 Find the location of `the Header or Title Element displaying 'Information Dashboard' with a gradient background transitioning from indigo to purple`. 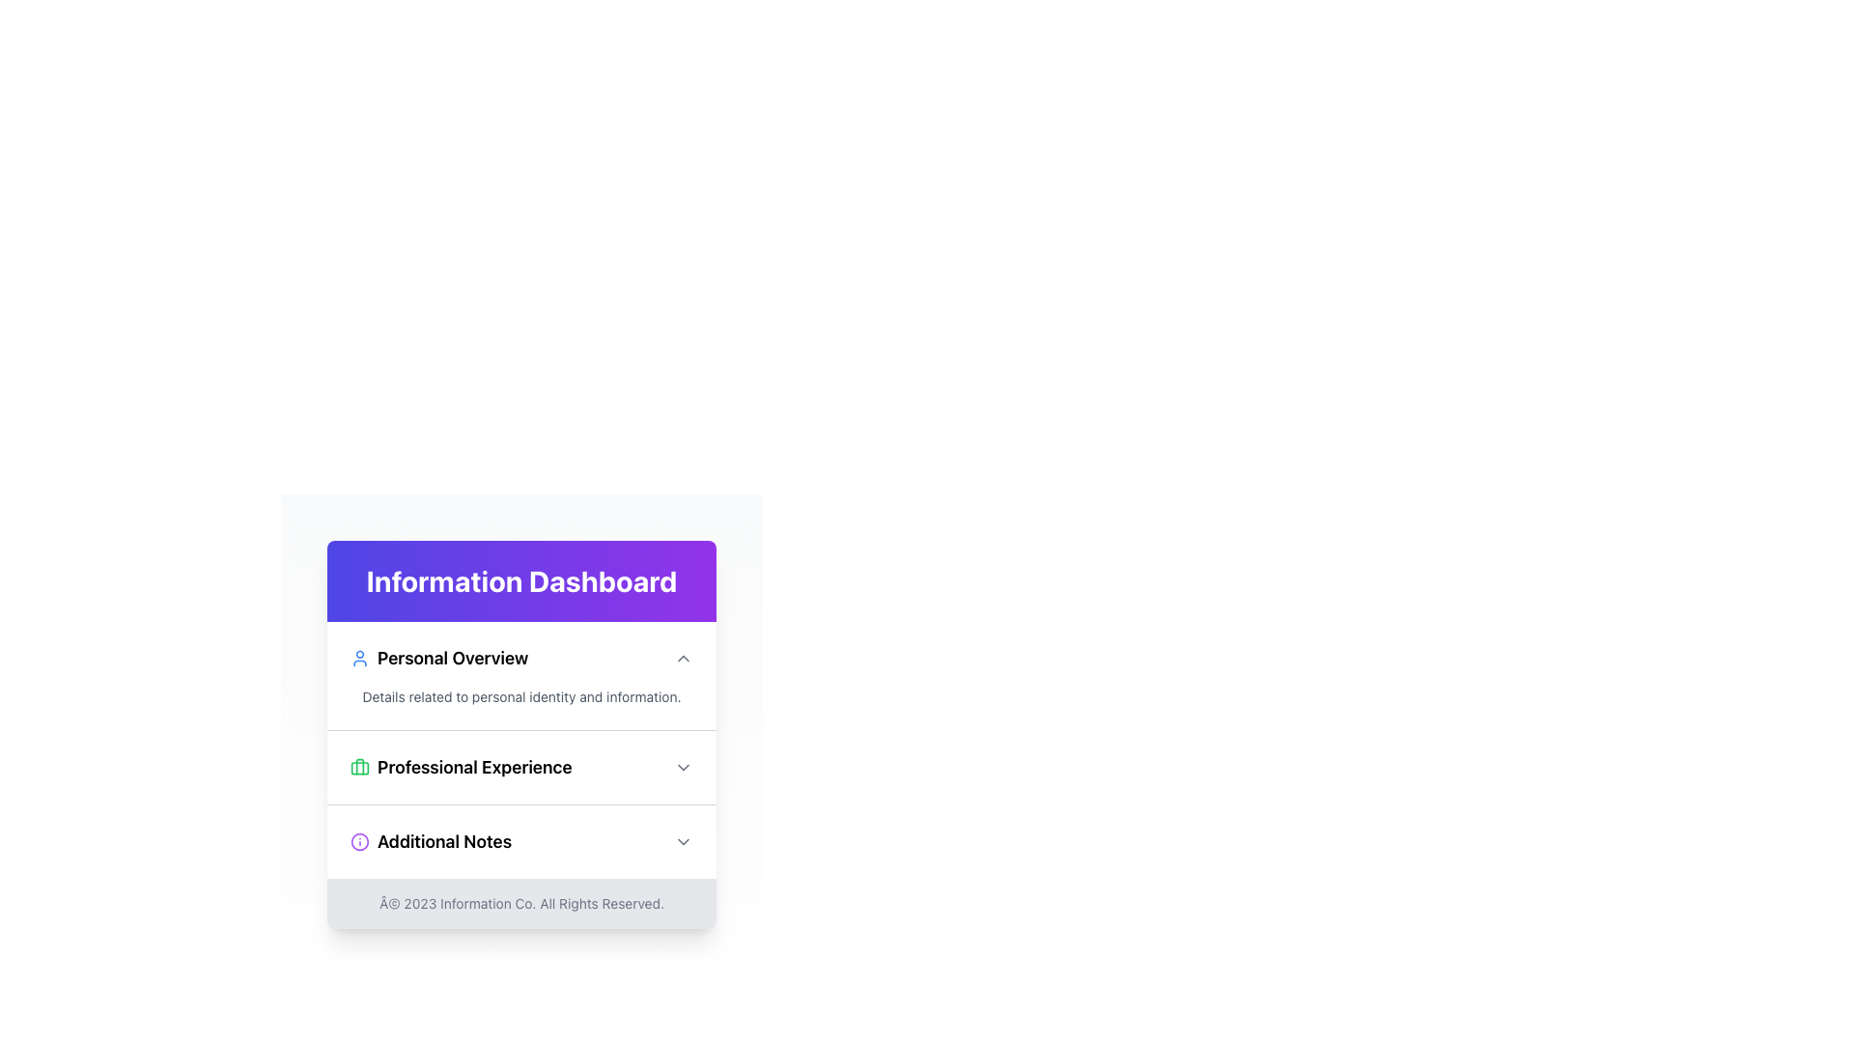

the Header or Title Element displaying 'Information Dashboard' with a gradient background transitioning from indigo to purple is located at coordinates (521, 579).